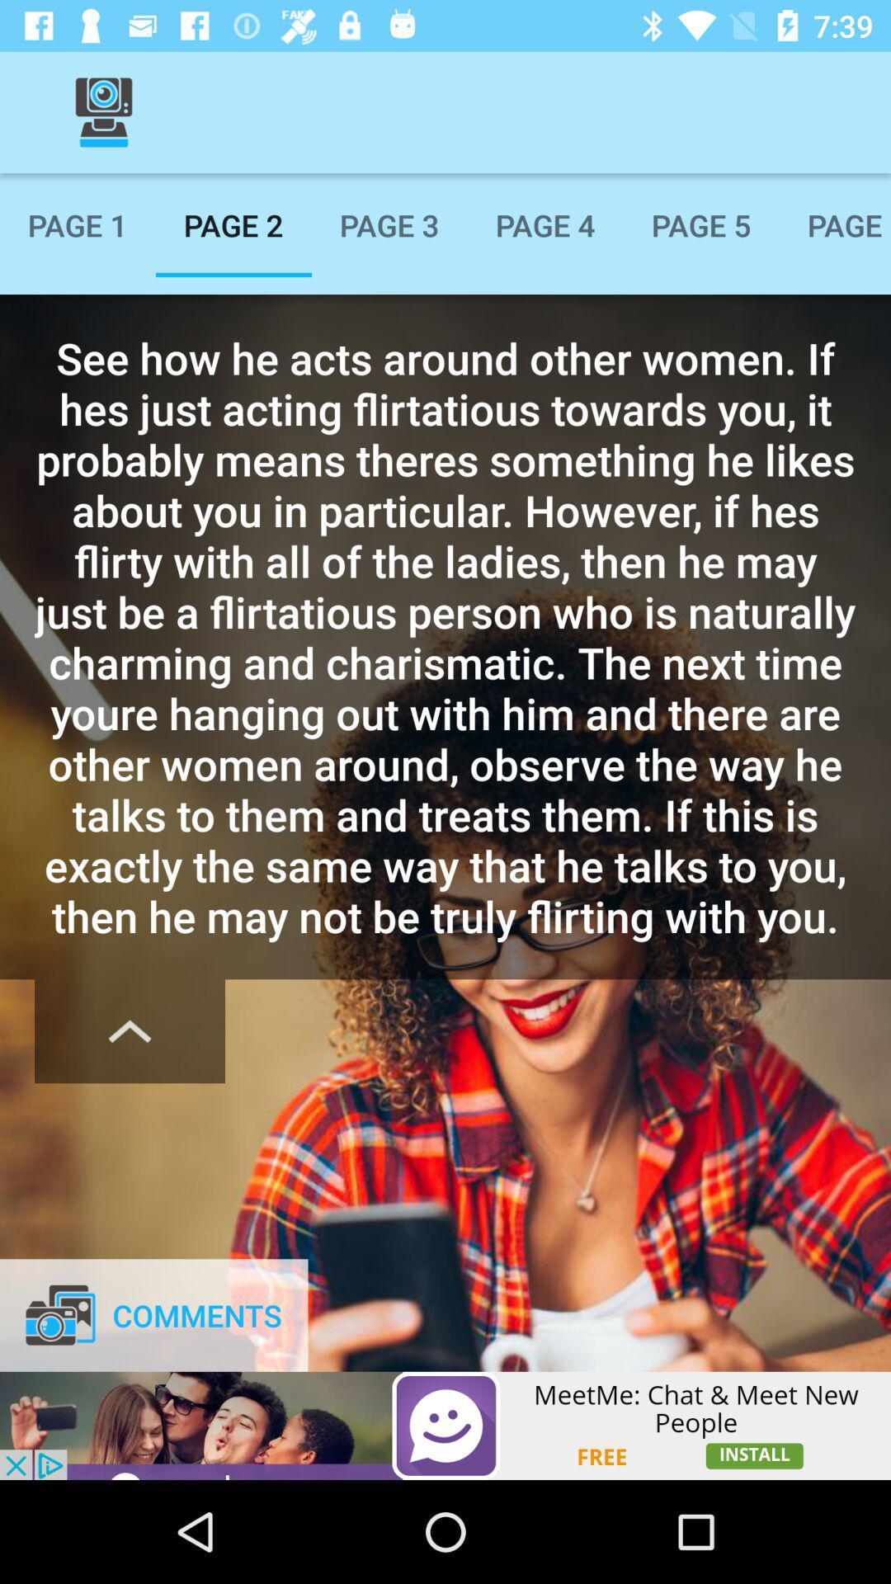  I want to click on a select option, so click(129, 1030).